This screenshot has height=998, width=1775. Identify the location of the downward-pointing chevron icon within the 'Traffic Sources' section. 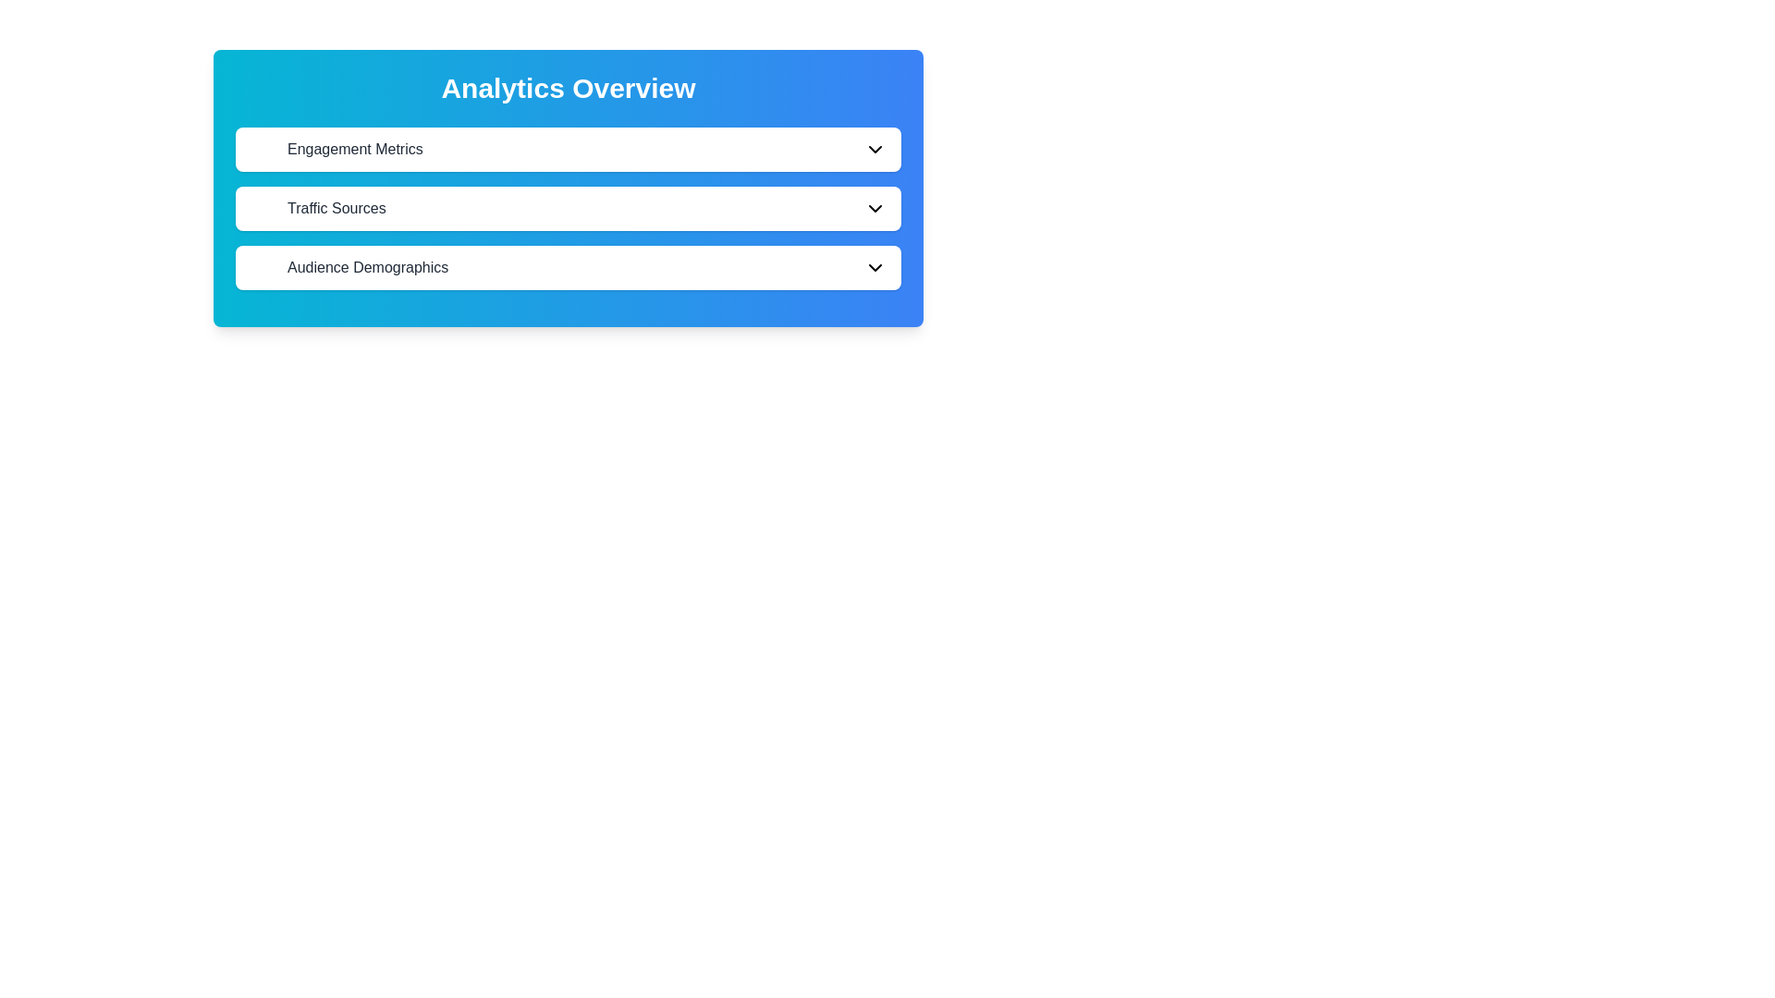
(874, 208).